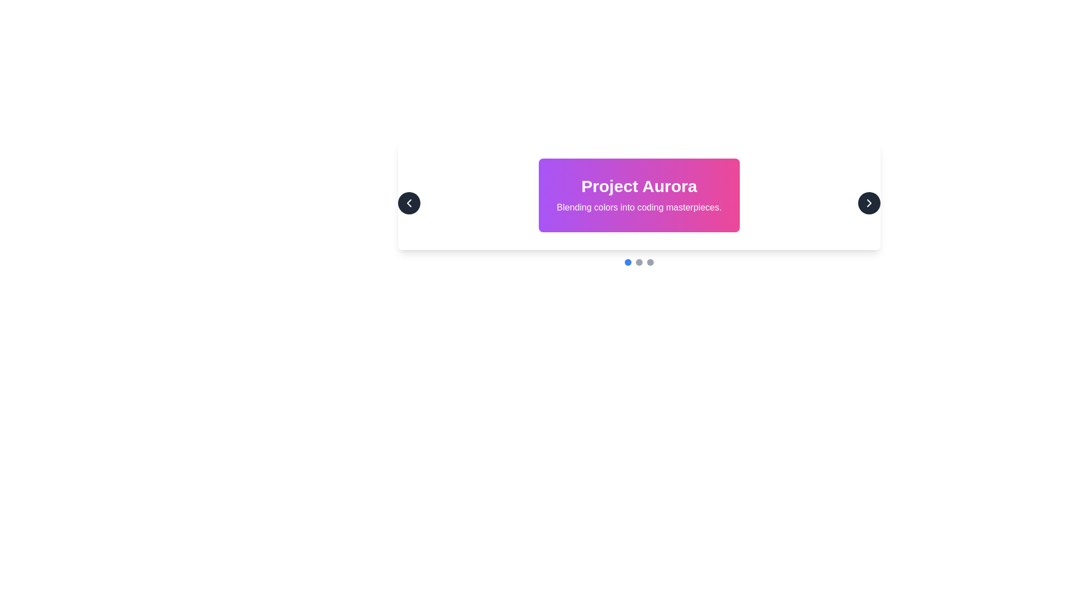  Describe the element at coordinates (650, 262) in the screenshot. I see `the third interactive indicator dot located below the central content area` at that location.